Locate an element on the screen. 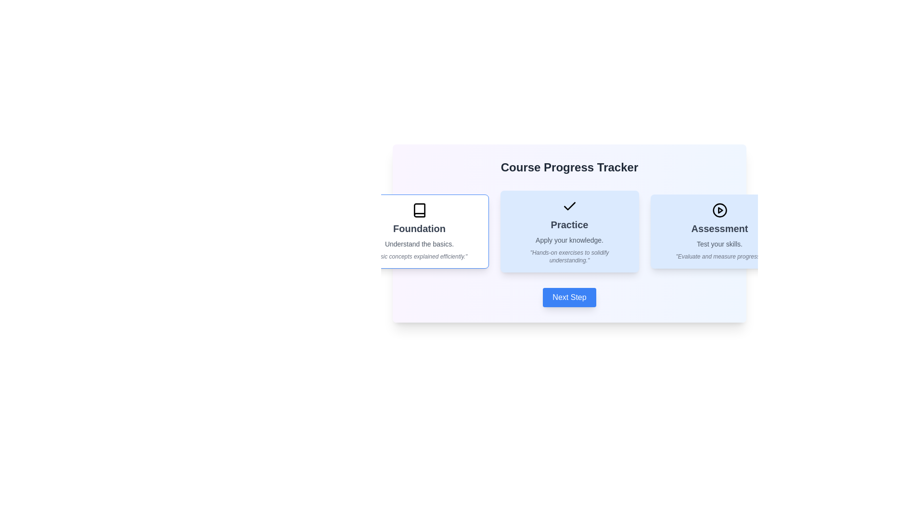 This screenshot has height=520, width=924. the text element that contains the phrase 'Evaluate and measure progress.' in italicized style and light gray color, located at the bottom of the 'Assessment' card is located at coordinates (719, 256).